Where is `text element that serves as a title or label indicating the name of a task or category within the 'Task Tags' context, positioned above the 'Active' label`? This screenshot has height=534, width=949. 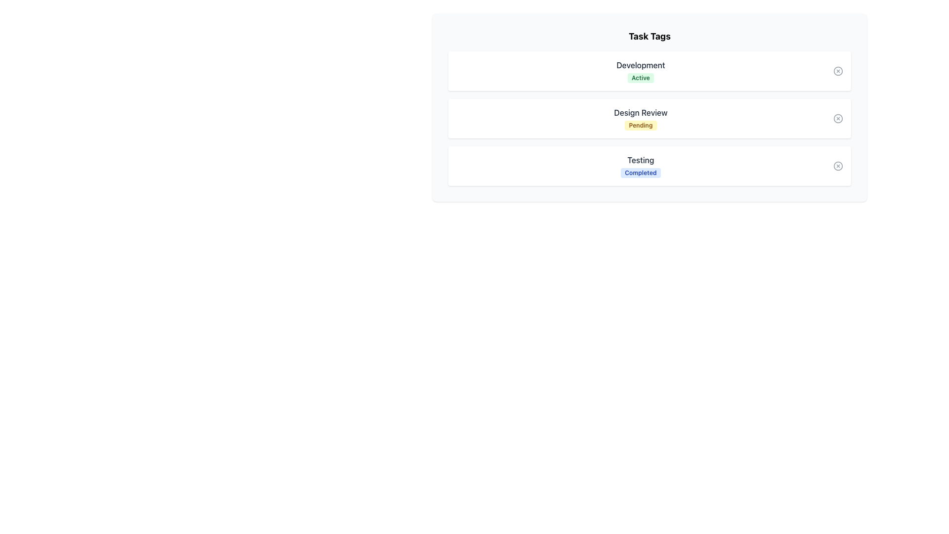
text element that serves as a title or label indicating the name of a task or category within the 'Task Tags' context, positioned above the 'Active' label is located at coordinates (641, 65).